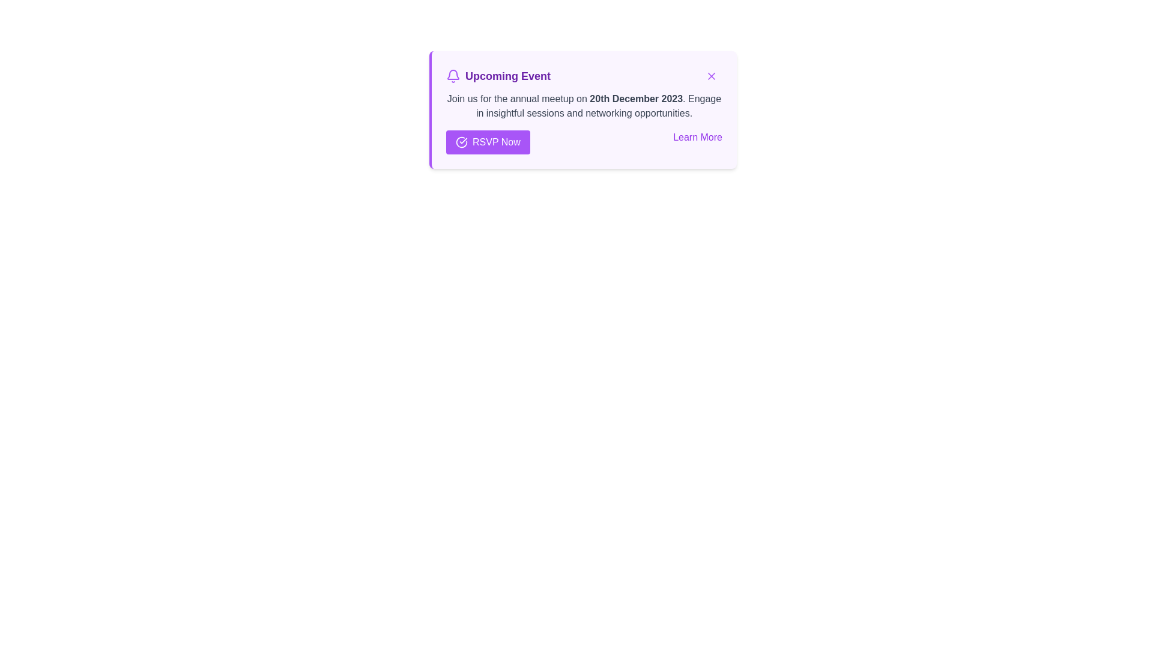  What do you see at coordinates (507, 76) in the screenshot?
I see `the text element styled in a large, bold purple font that reads 'Upcoming Event', located to the right of the bell icon` at bounding box center [507, 76].